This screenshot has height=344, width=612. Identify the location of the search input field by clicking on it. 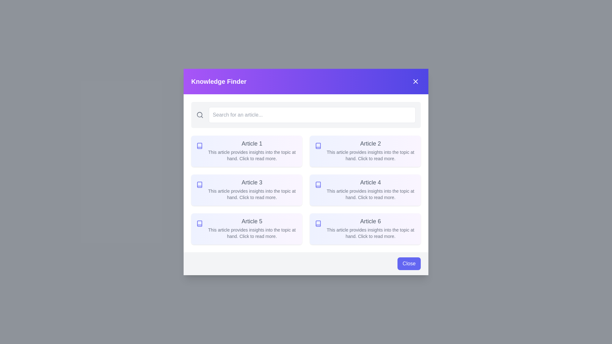
(312, 115).